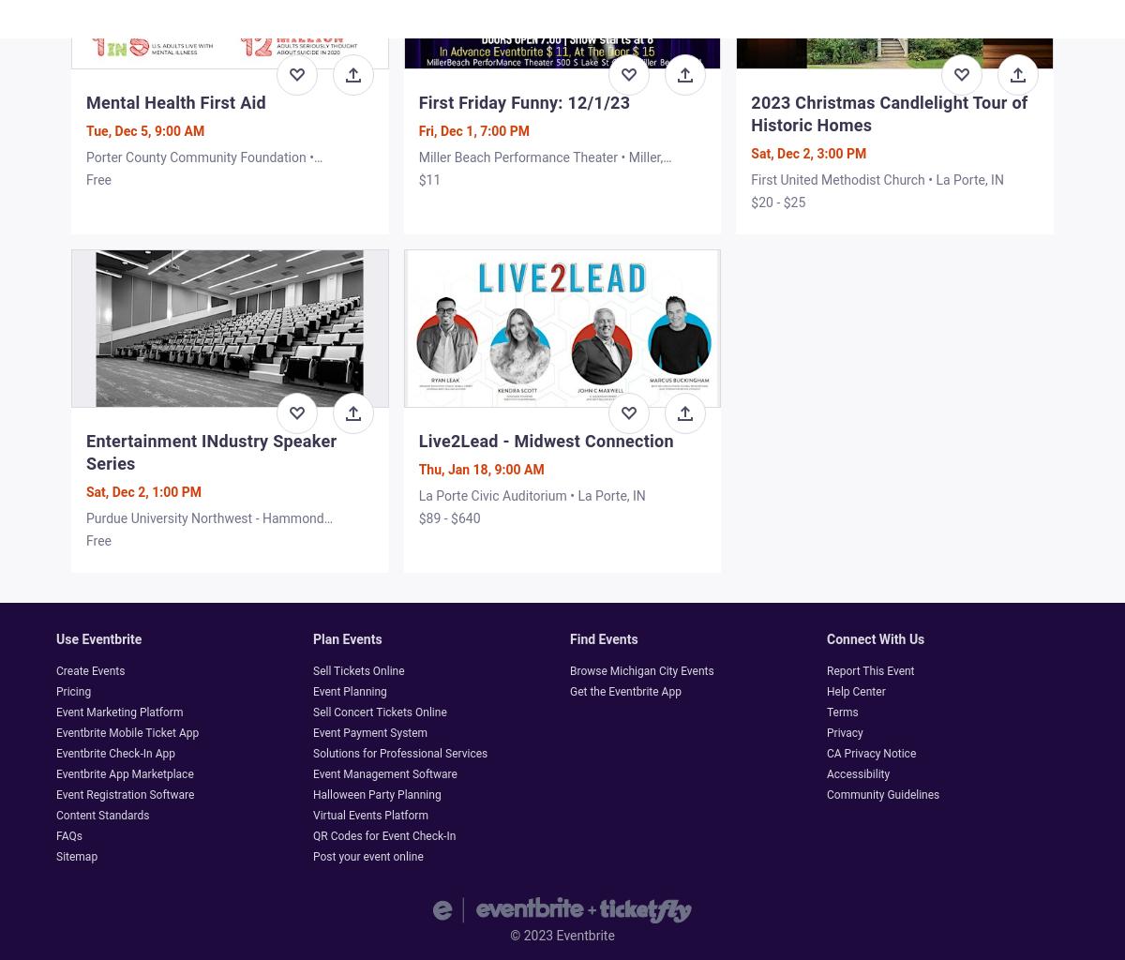 The width and height of the screenshot is (1125, 960). I want to click on '$20 - $25', so click(777, 201).